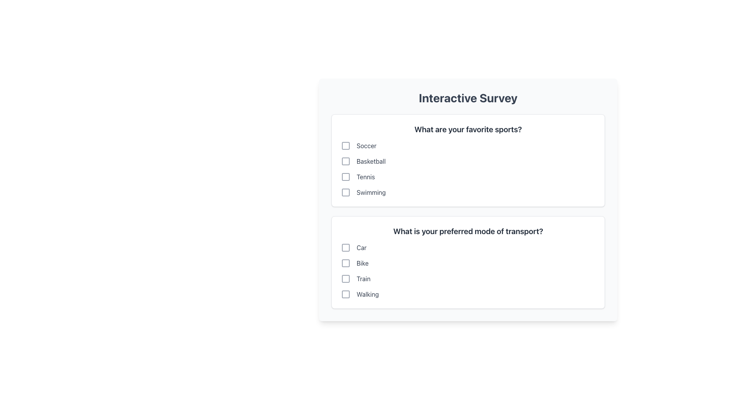  I want to click on the checkbox for the 'Tennis' option in the survey, so click(345, 177).